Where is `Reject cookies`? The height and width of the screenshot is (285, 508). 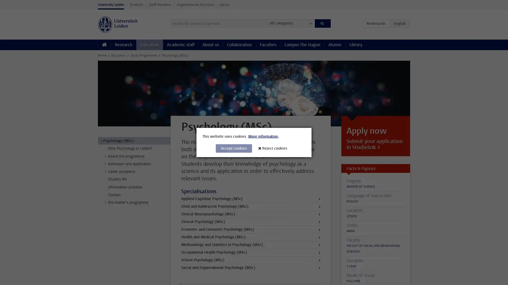 Reject cookies is located at coordinates (274, 148).